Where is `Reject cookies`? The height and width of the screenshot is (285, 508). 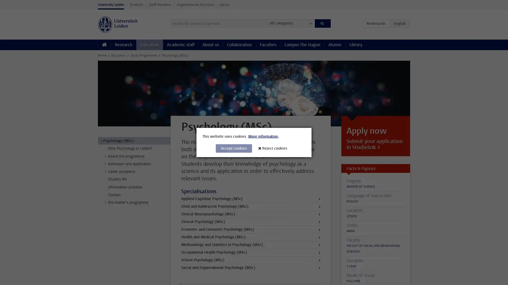 Reject cookies is located at coordinates (274, 148).